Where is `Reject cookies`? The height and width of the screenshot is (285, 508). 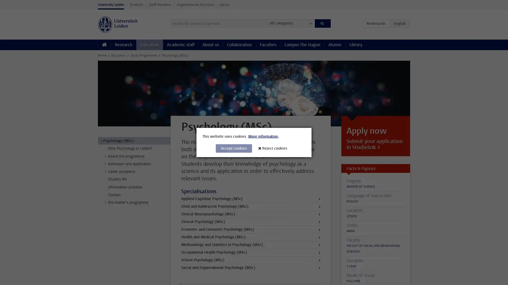 Reject cookies is located at coordinates (274, 148).